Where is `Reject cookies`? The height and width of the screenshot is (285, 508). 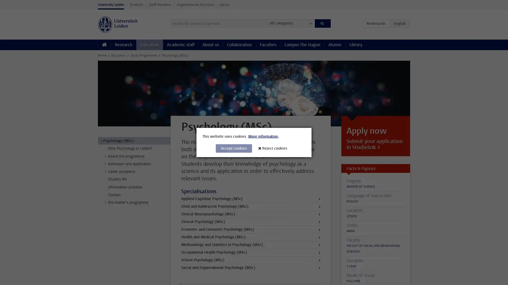 Reject cookies is located at coordinates (274, 148).